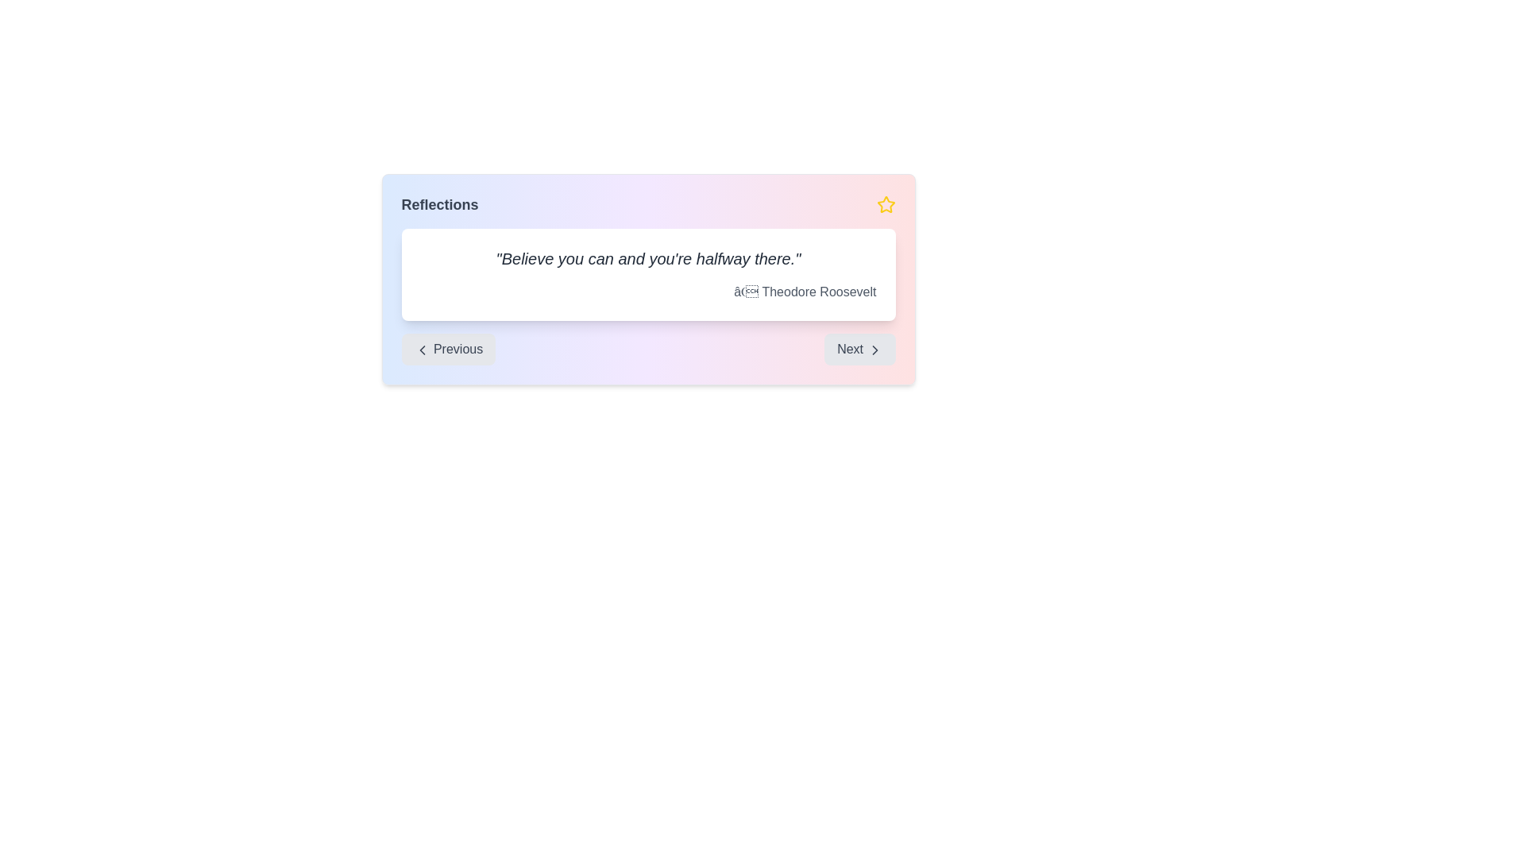  What do you see at coordinates (885, 204) in the screenshot?
I see `the star icon in the top-right corner of the 'Reflections' section` at bounding box center [885, 204].